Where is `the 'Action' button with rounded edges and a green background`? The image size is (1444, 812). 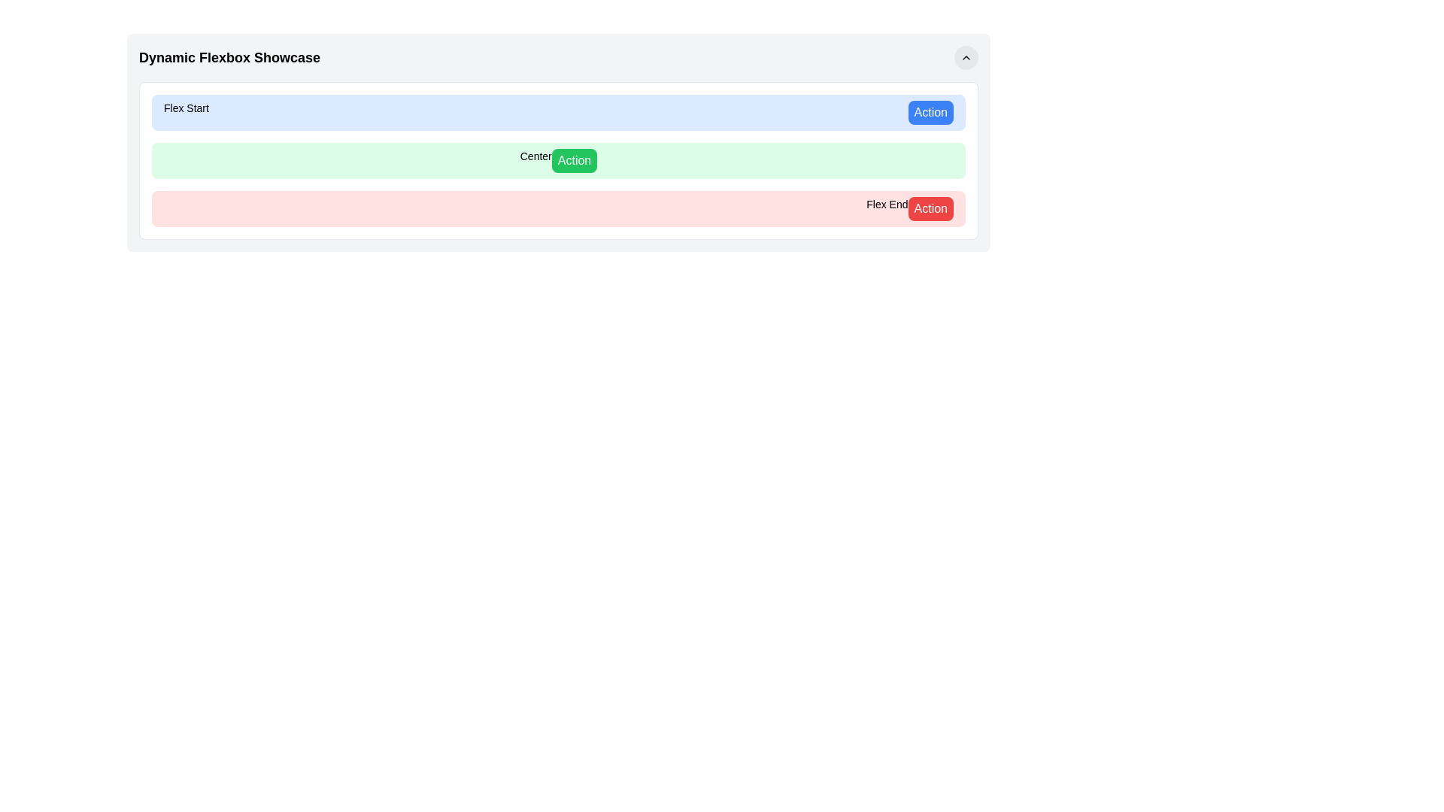 the 'Action' button with rounded edges and a green background is located at coordinates (573, 160).